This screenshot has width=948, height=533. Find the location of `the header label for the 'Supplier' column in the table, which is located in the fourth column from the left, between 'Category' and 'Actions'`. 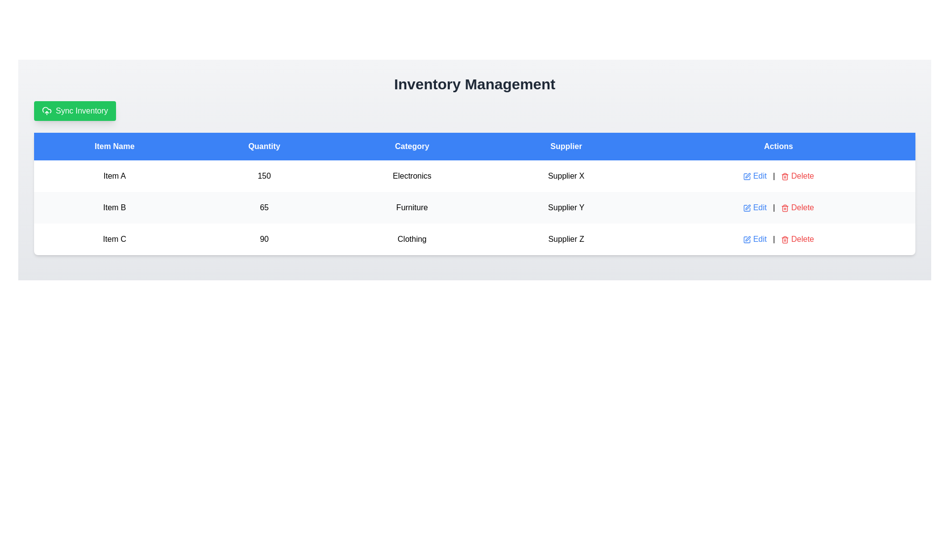

the header label for the 'Supplier' column in the table, which is located in the fourth column from the left, between 'Category' and 'Actions' is located at coordinates (566, 147).